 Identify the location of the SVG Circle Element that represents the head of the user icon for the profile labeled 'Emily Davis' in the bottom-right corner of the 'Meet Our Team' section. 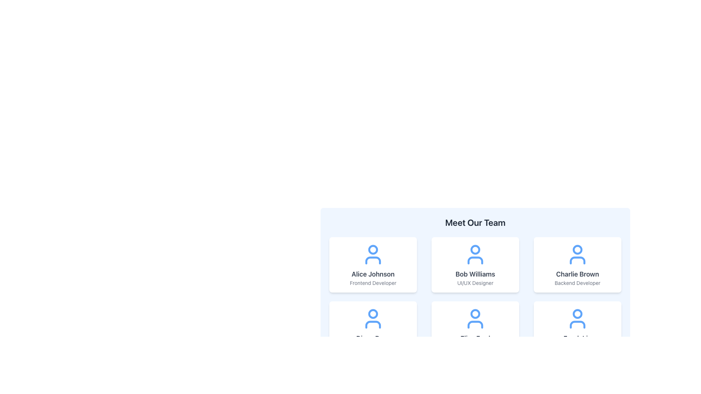
(577, 313).